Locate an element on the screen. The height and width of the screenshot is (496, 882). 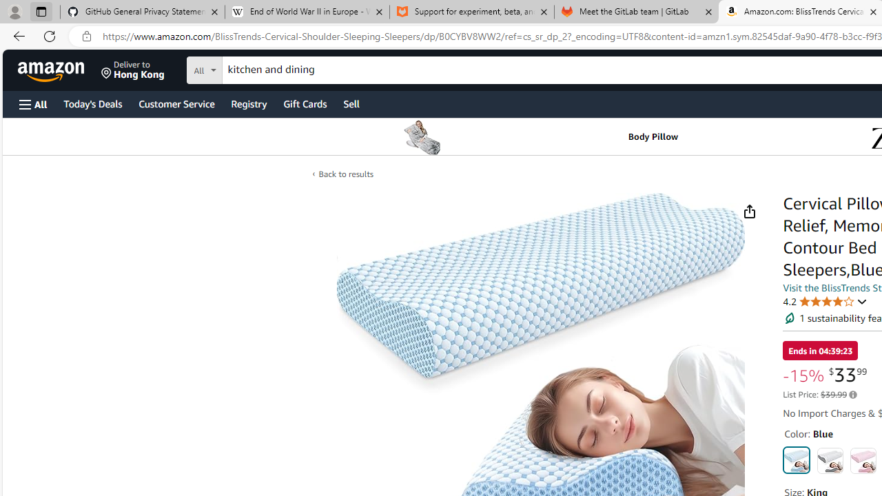
'Back to results' is located at coordinates (345, 174).